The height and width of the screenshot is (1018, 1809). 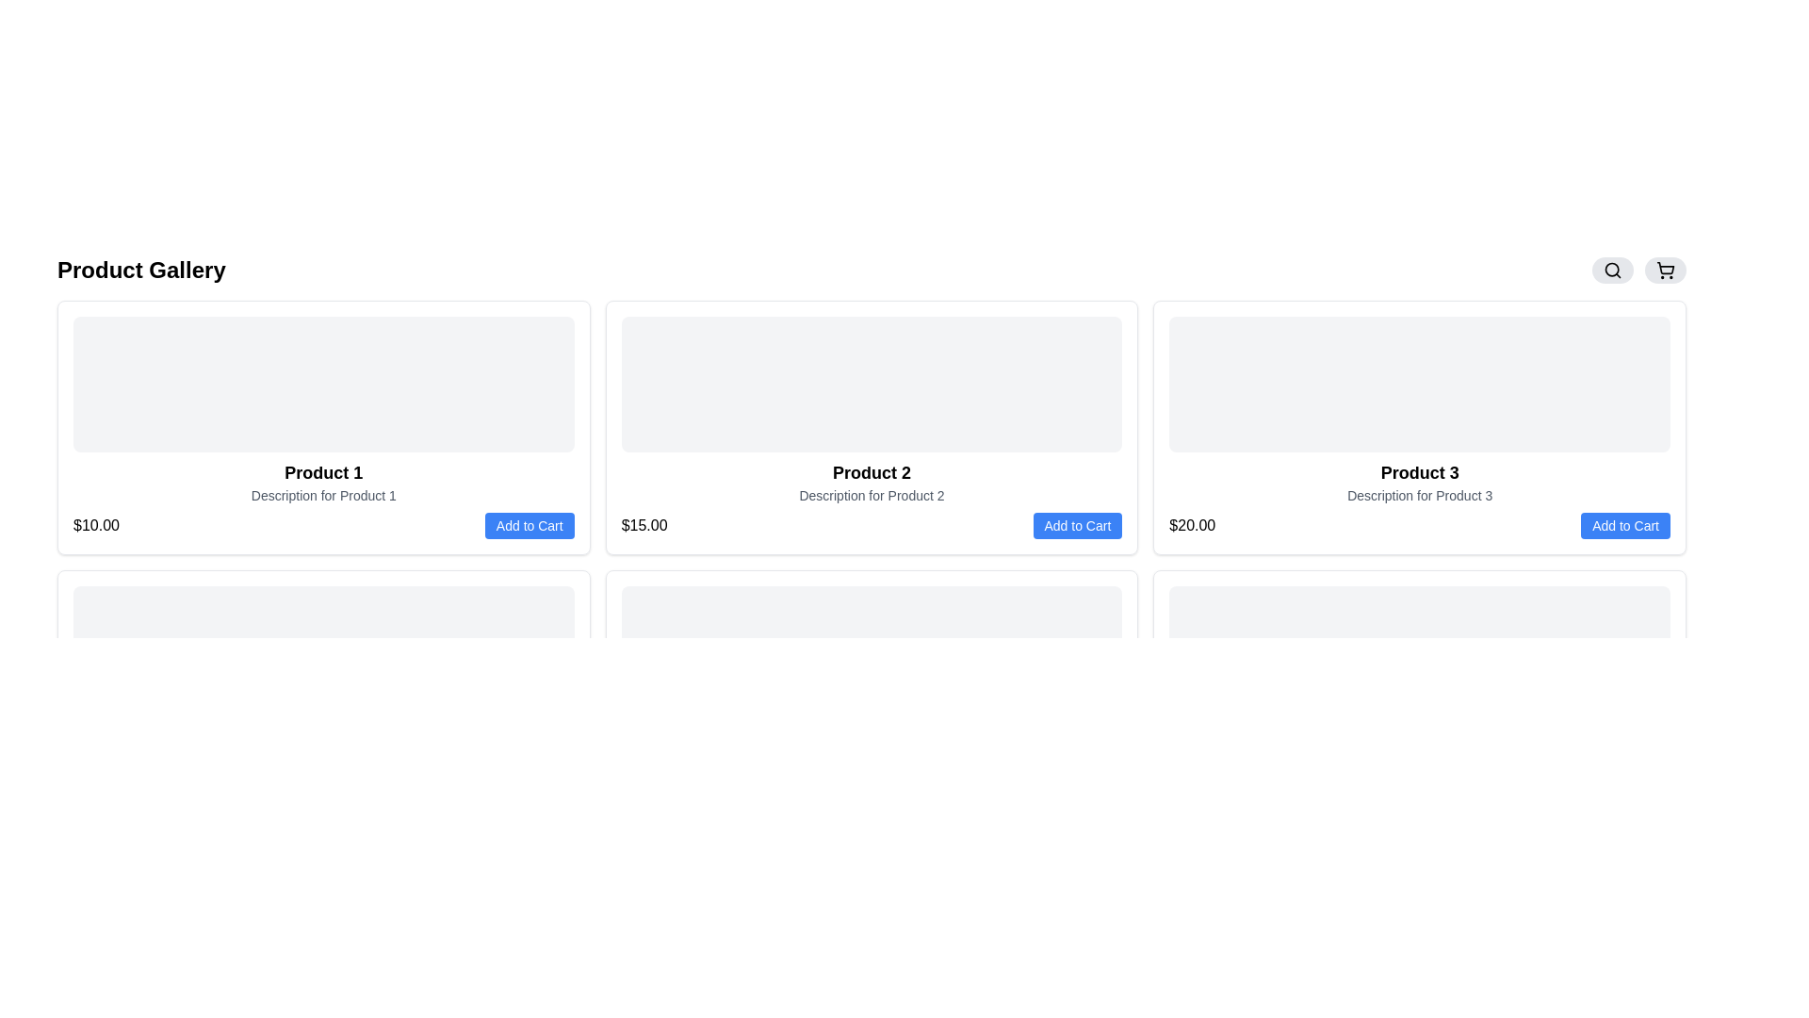 I want to click on the 'Add to Cart' button, which is a rectangular button with white text on a blue background, located in the bottom-right corner of the product card, so click(x=529, y=526).